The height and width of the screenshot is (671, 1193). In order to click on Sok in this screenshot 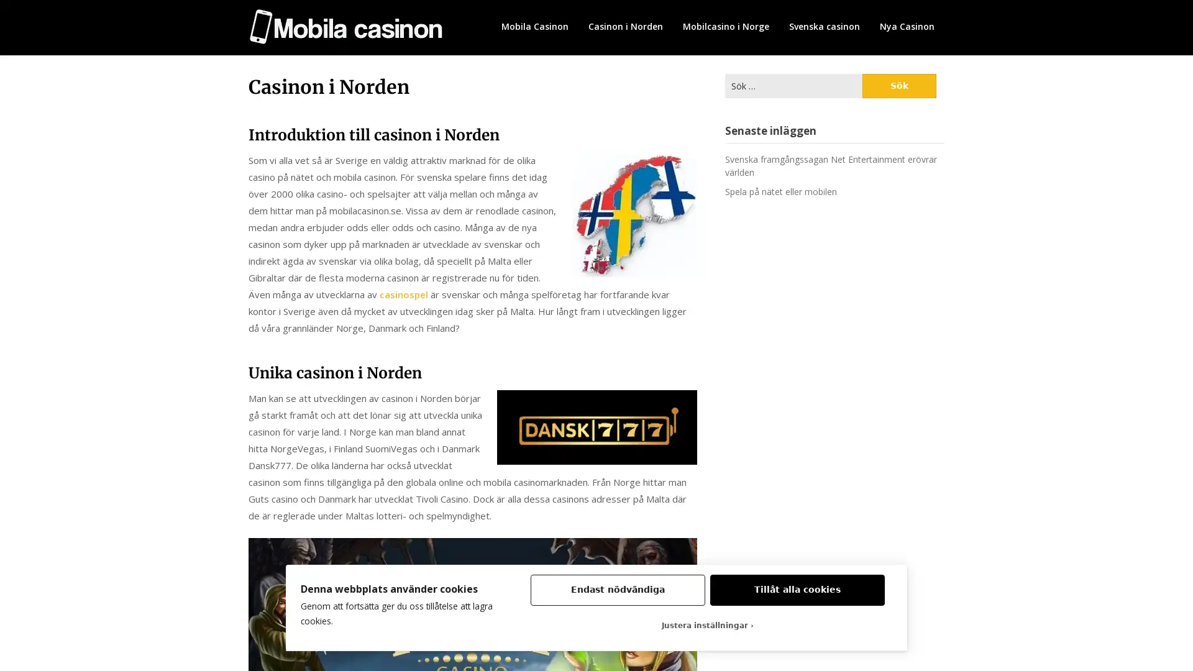, I will do `click(898, 85)`.